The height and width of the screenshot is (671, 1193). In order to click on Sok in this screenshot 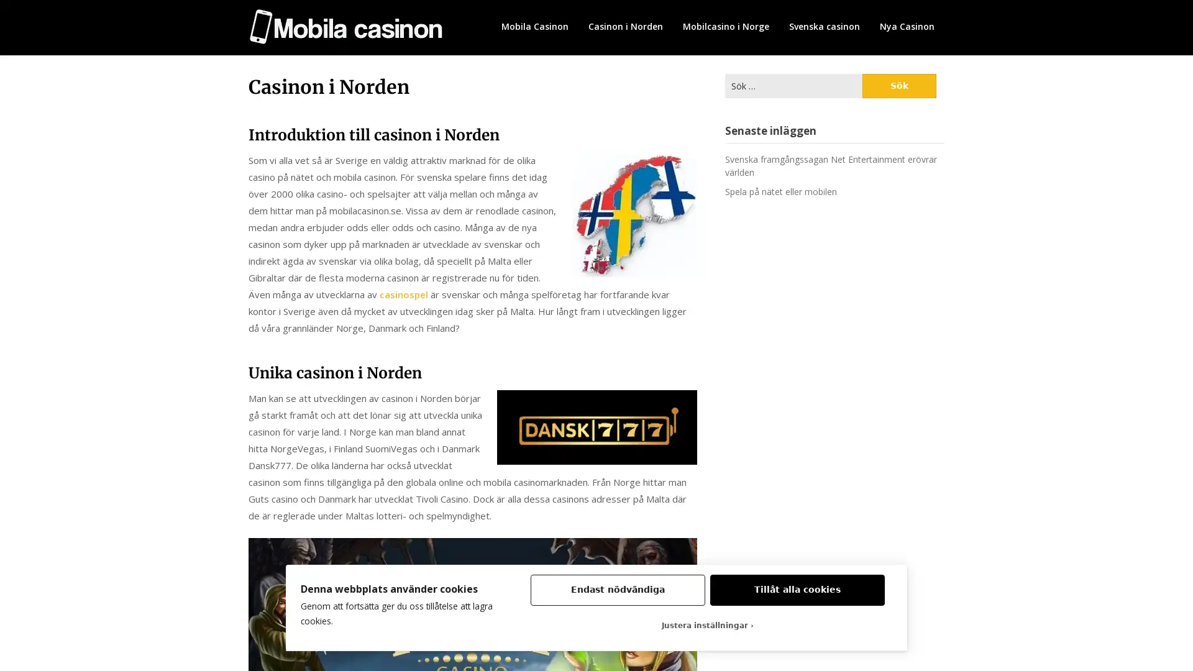, I will do `click(898, 85)`.